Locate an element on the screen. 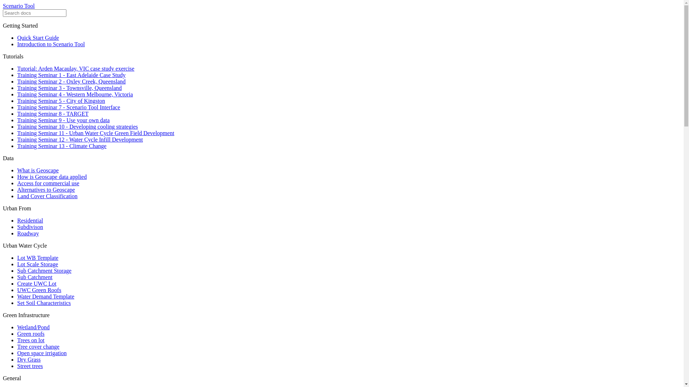 The width and height of the screenshot is (689, 387). 'Set Soil Characteristics' is located at coordinates (17, 303).